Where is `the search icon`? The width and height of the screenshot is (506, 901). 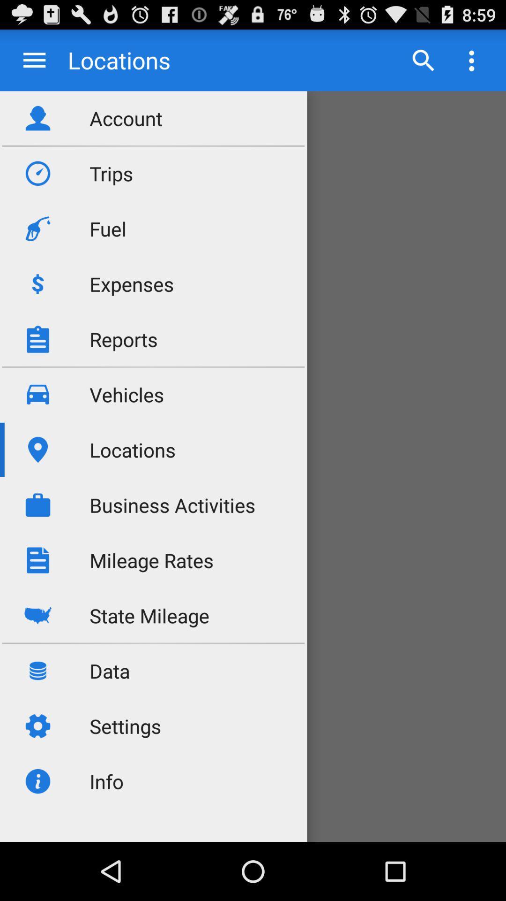
the search icon is located at coordinates (423, 64).